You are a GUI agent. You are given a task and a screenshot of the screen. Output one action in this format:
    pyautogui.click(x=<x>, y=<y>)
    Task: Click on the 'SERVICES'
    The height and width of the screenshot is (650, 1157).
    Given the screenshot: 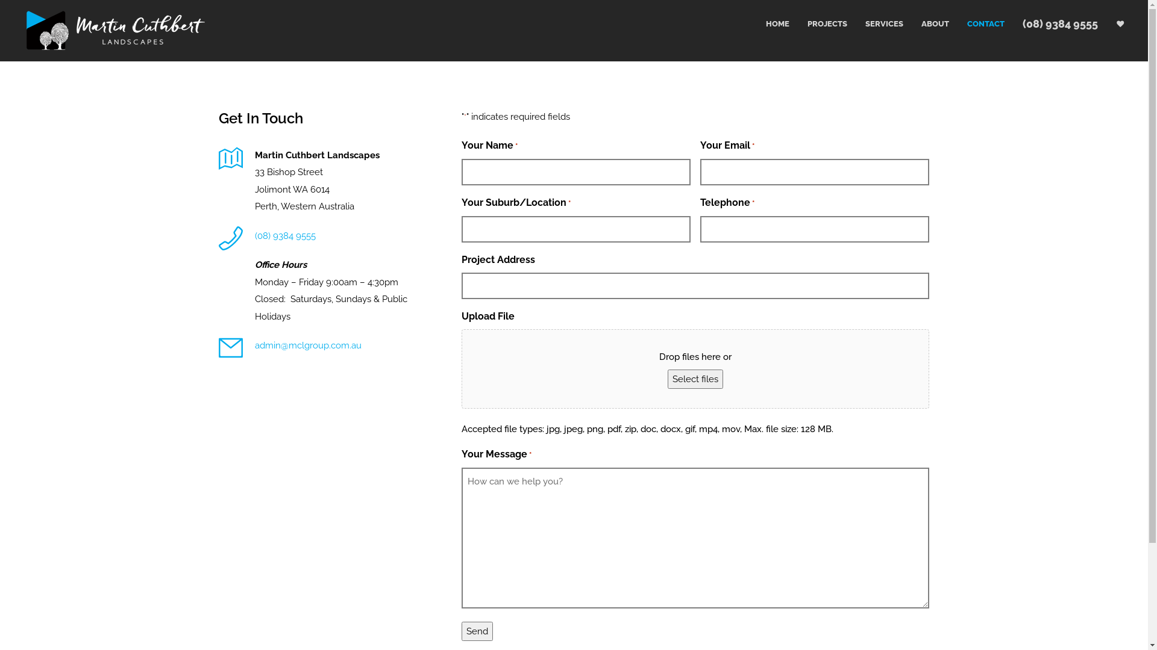 What is the action you would take?
    pyautogui.click(x=875, y=23)
    